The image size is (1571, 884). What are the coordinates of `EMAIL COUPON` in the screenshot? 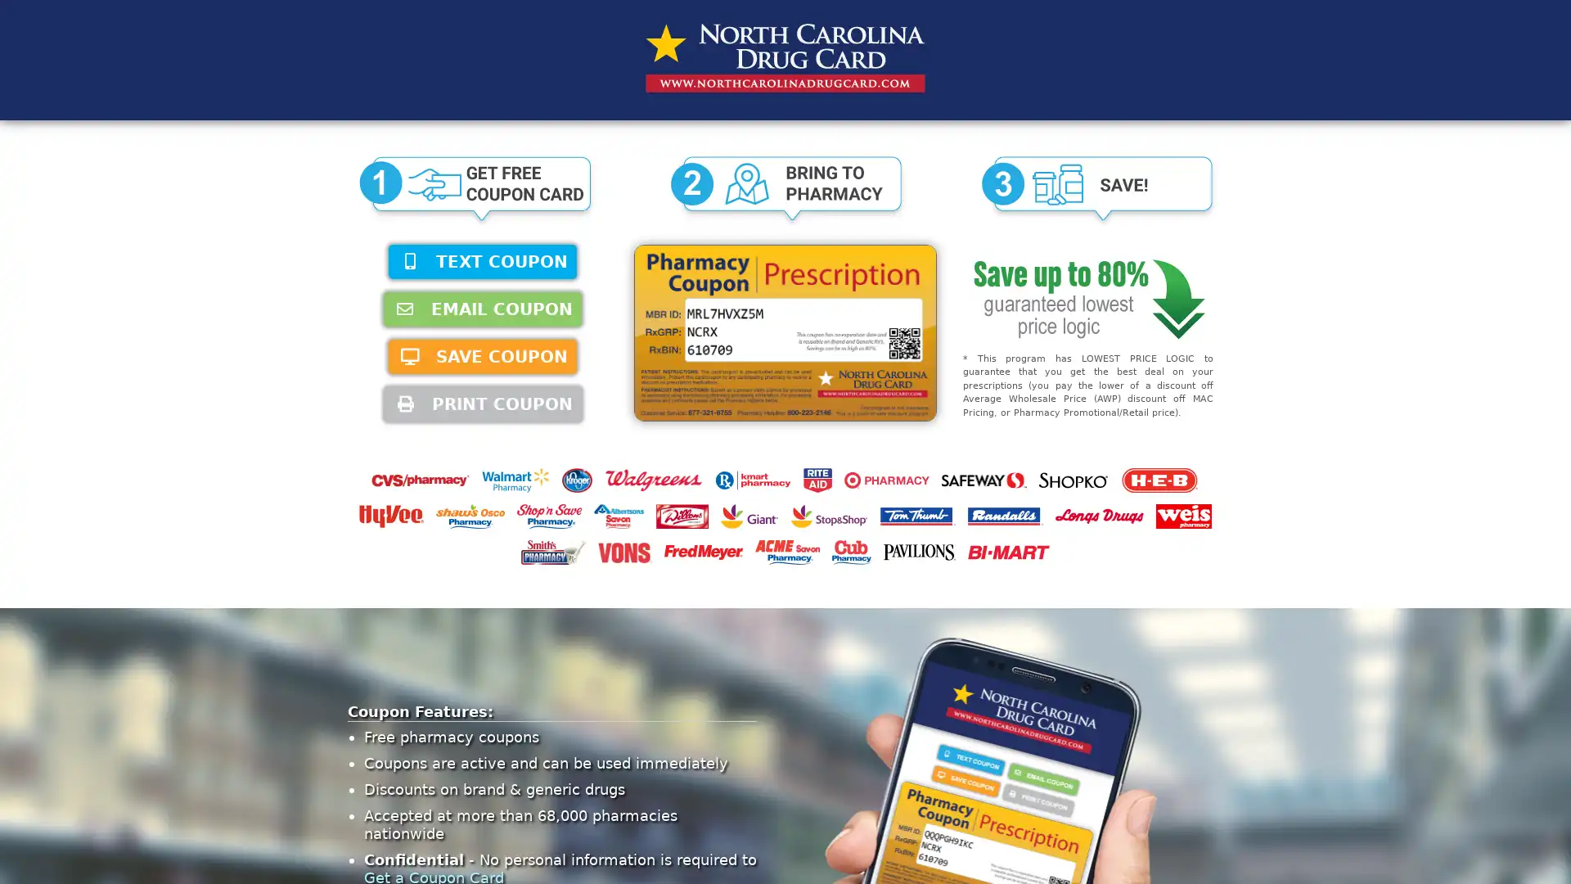 It's located at (482, 309).